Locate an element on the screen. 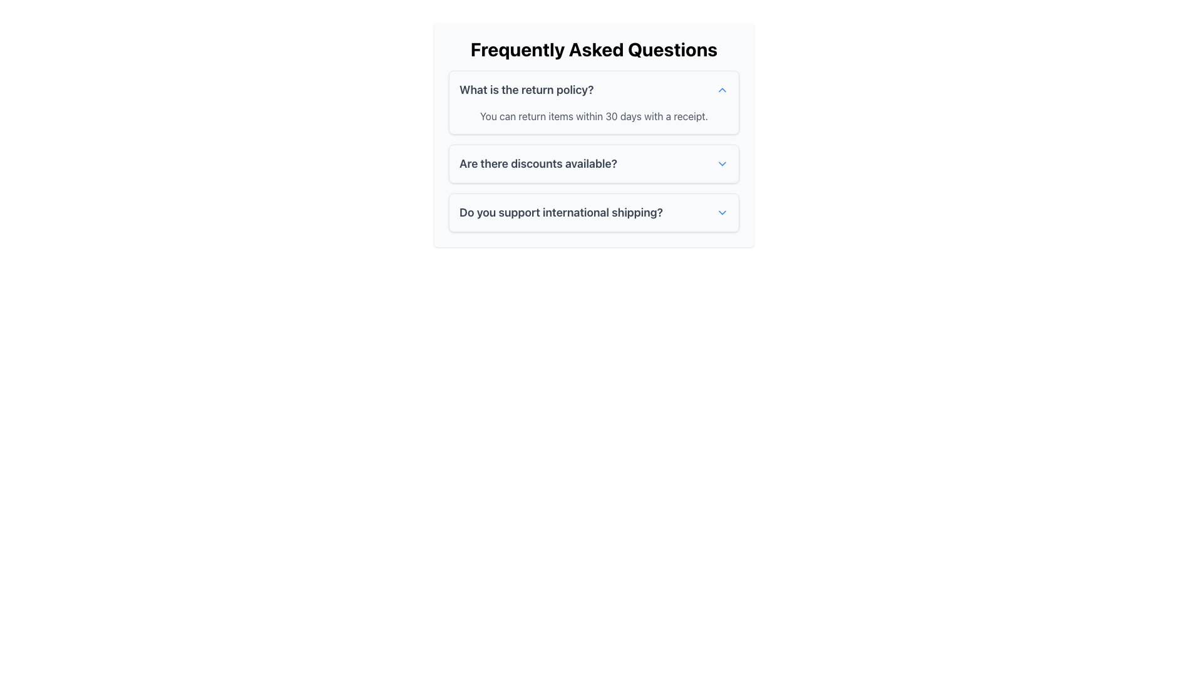 The height and width of the screenshot is (676, 1202). the second interactive Expandable FAQ item related to discounts in the FAQ section is located at coordinates (593, 163).